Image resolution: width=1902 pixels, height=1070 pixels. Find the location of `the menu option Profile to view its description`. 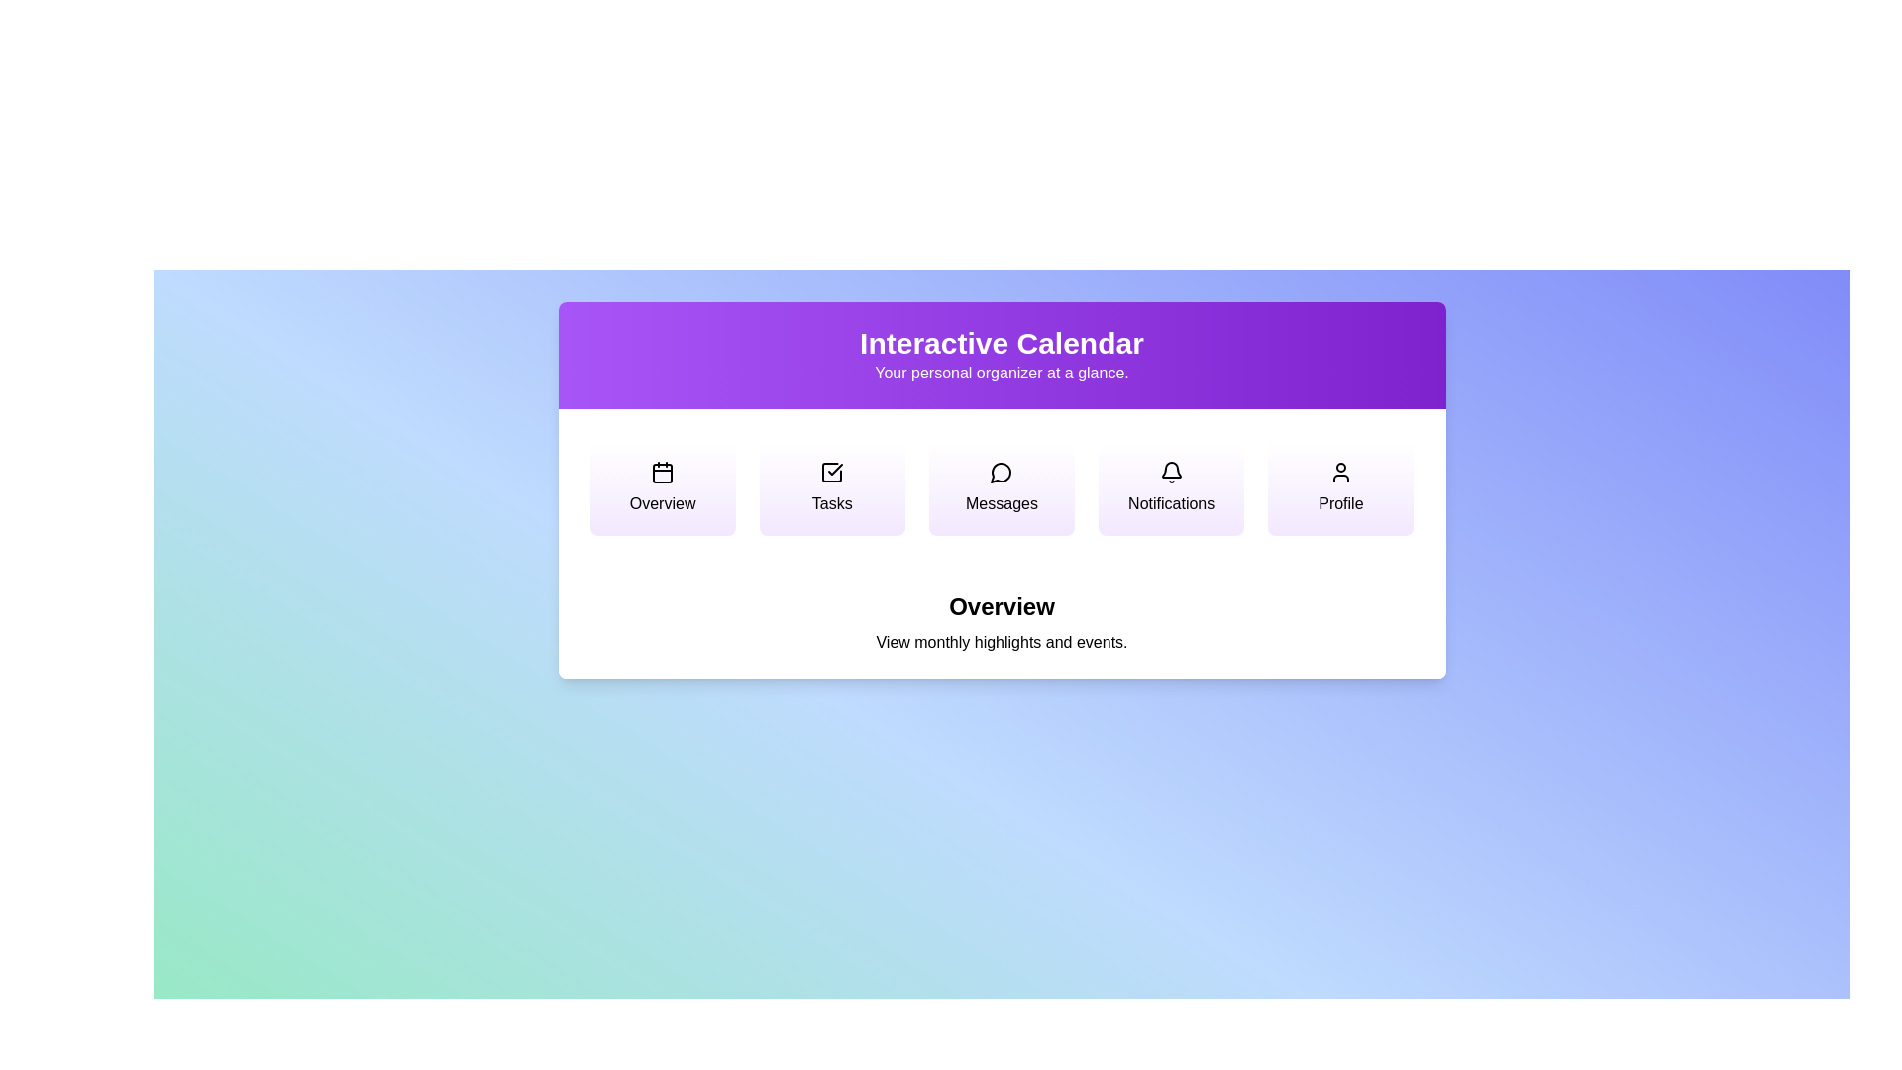

the menu option Profile to view its description is located at coordinates (1340, 488).